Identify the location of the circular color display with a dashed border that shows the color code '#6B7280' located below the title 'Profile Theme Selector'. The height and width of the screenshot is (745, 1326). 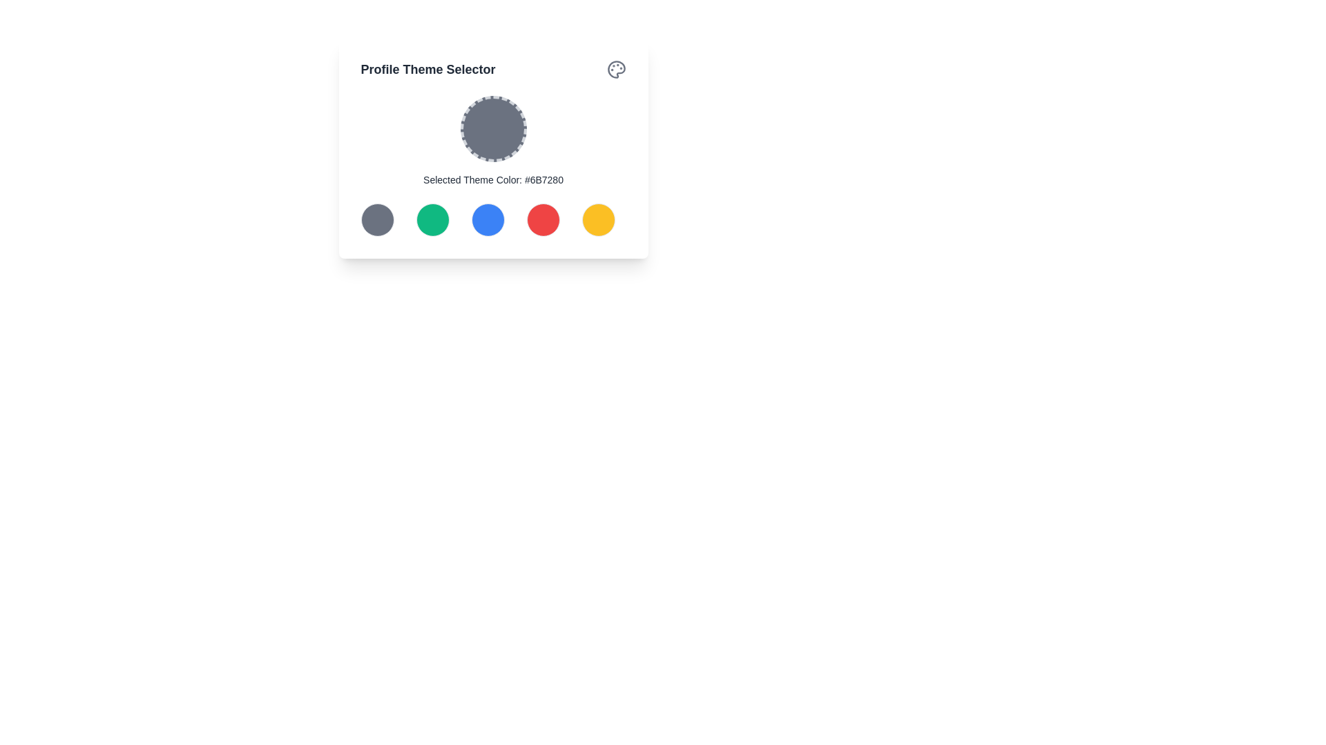
(493, 141).